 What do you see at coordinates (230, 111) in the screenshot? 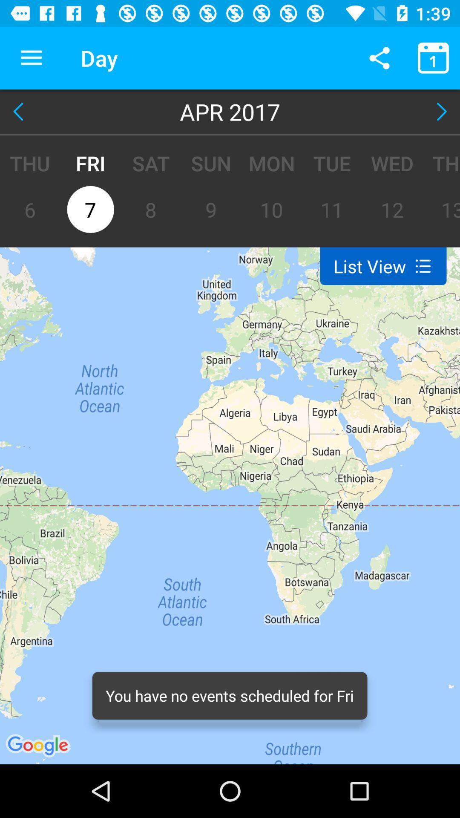
I see `apr 2017 item` at bounding box center [230, 111].